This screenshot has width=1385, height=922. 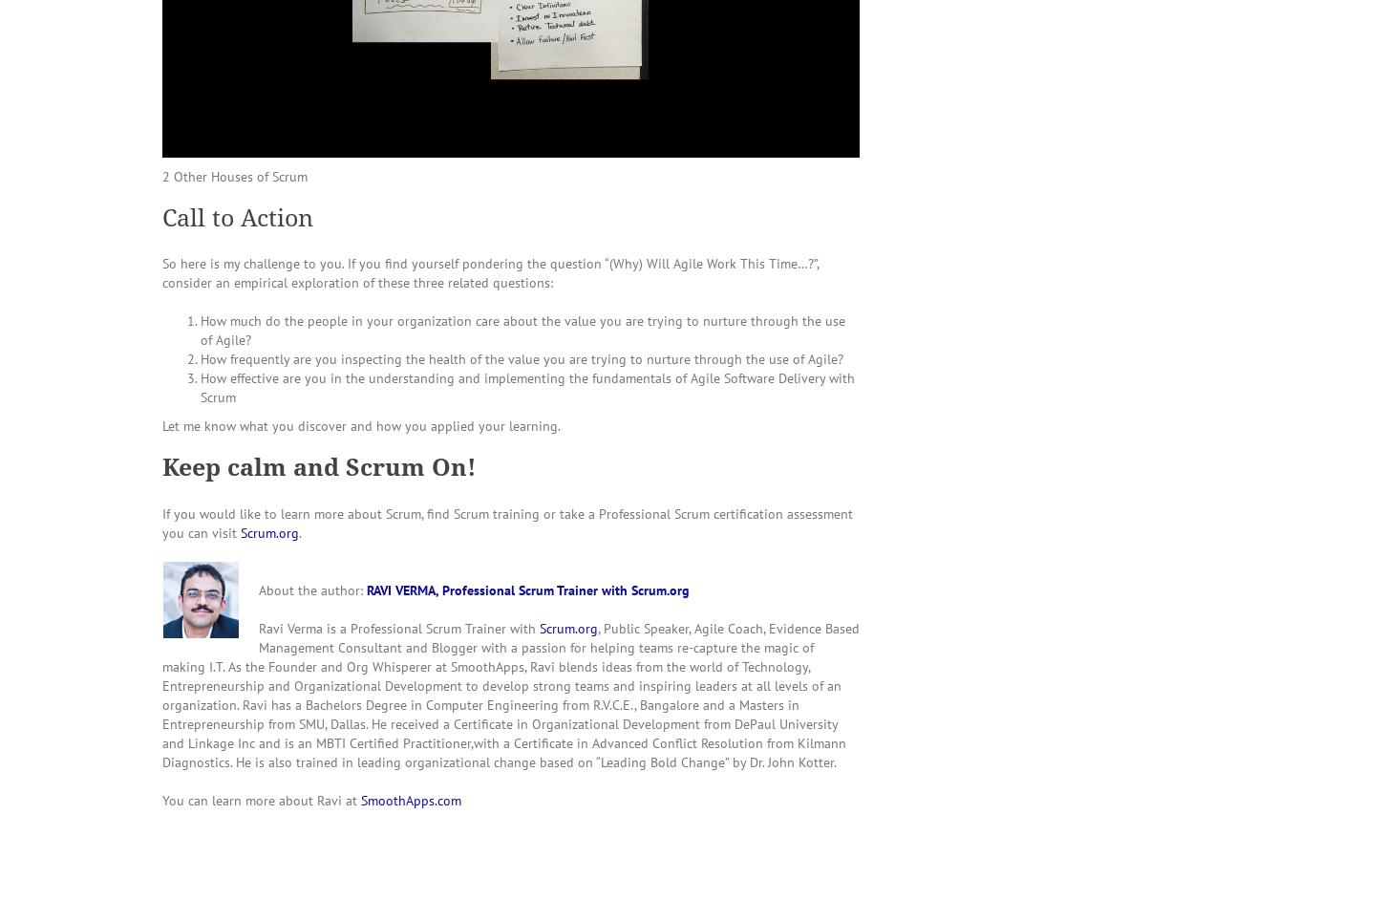 I want to click on '2 Other Houses of Scrum', so click(x=160, y=175).